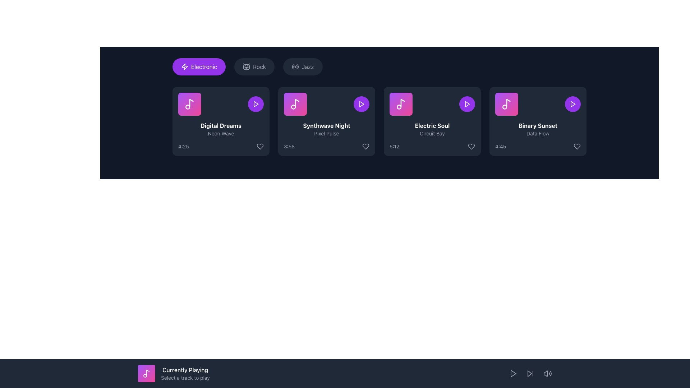 This screenshot has width=690, height=388. I want to click on the triangular play icon outlined in white on a circular purple background located on the right side of the card for the track 'Synthwave Night' by 'Pixel Pulse', so click(362, 104).